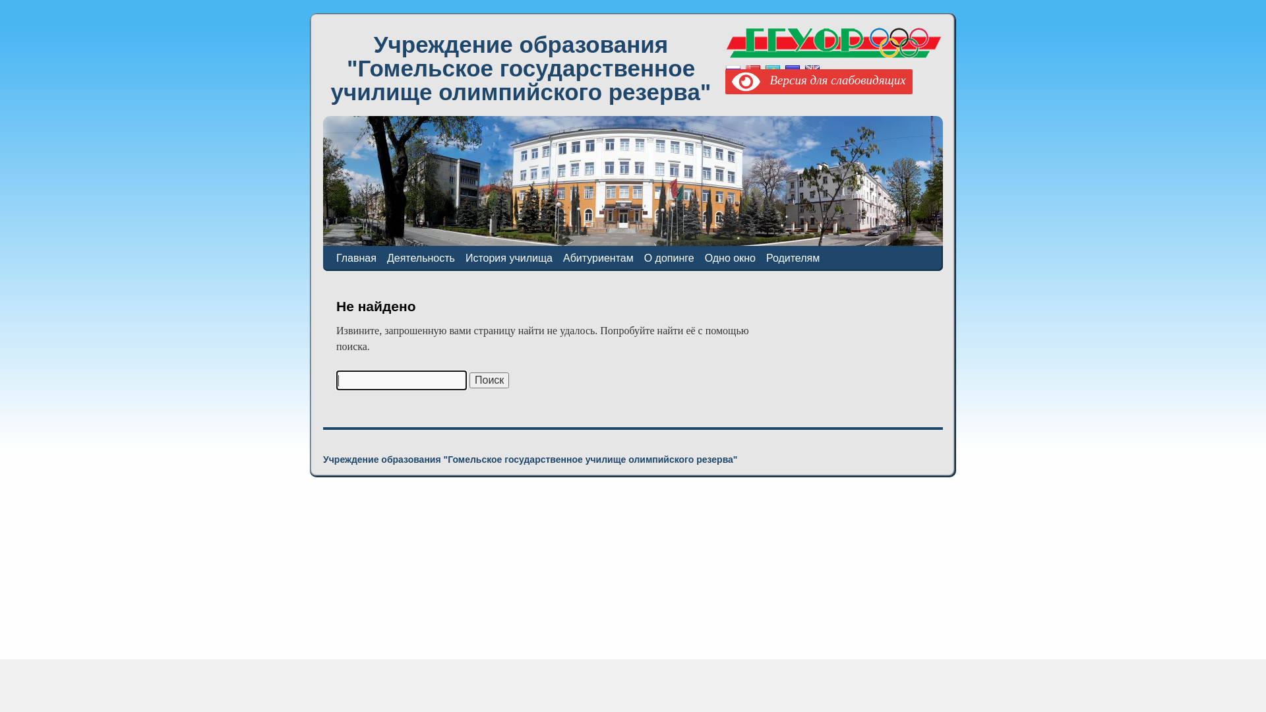 Image resolution: width=1266 pixels, height=712 pixels. What do you see at coordinates (785, 71) in the screenshot?
I see `'Ukrainian'` at bounding box center [785, 71].